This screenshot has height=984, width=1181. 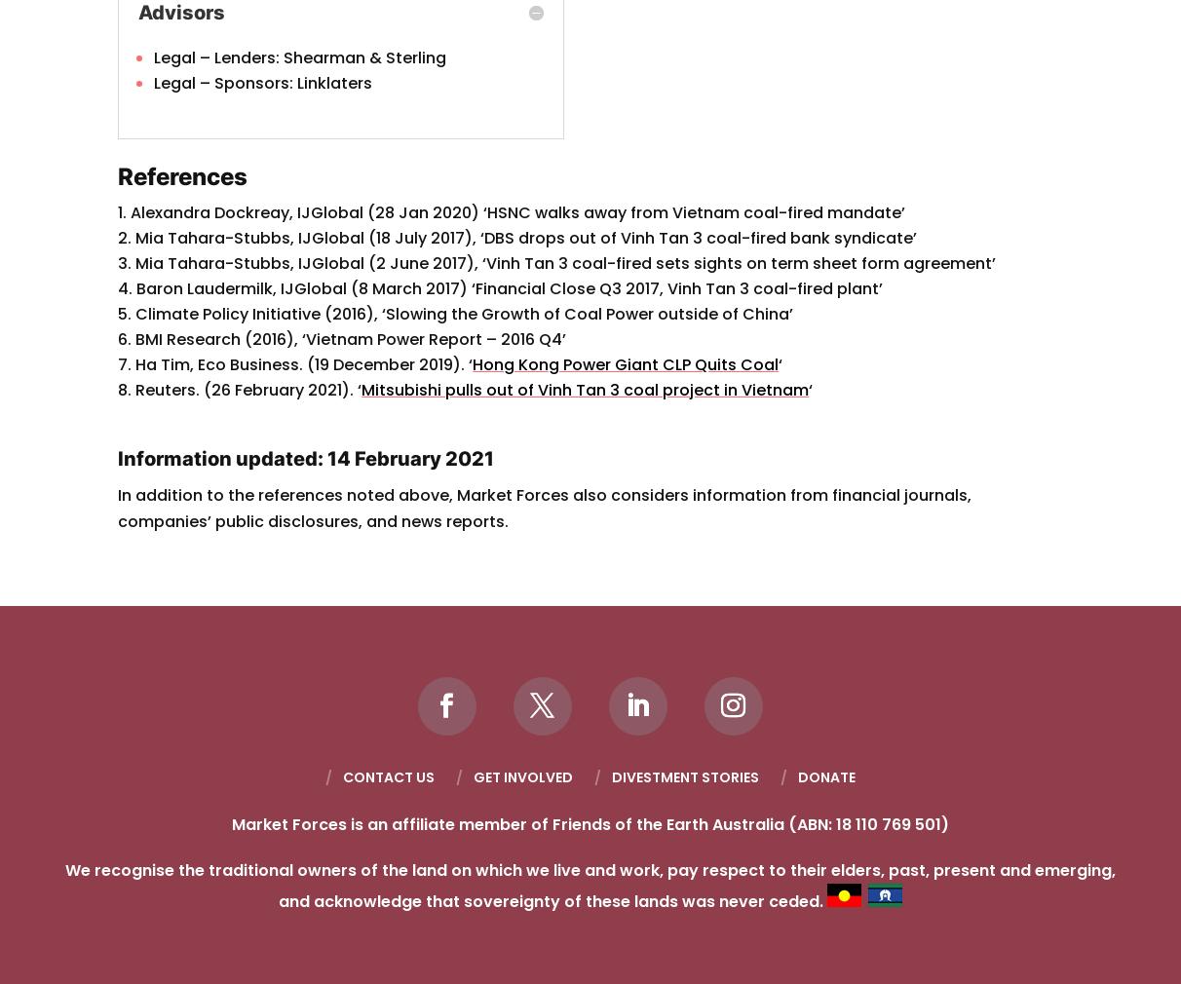 I want to click on 'Mia Tahara-Stubbs, IJGlobal (2 June 2017), ‘Vinh Tan 3 coal-fired sets sights on term sheet form agreement’', so click(x=565, y=263).